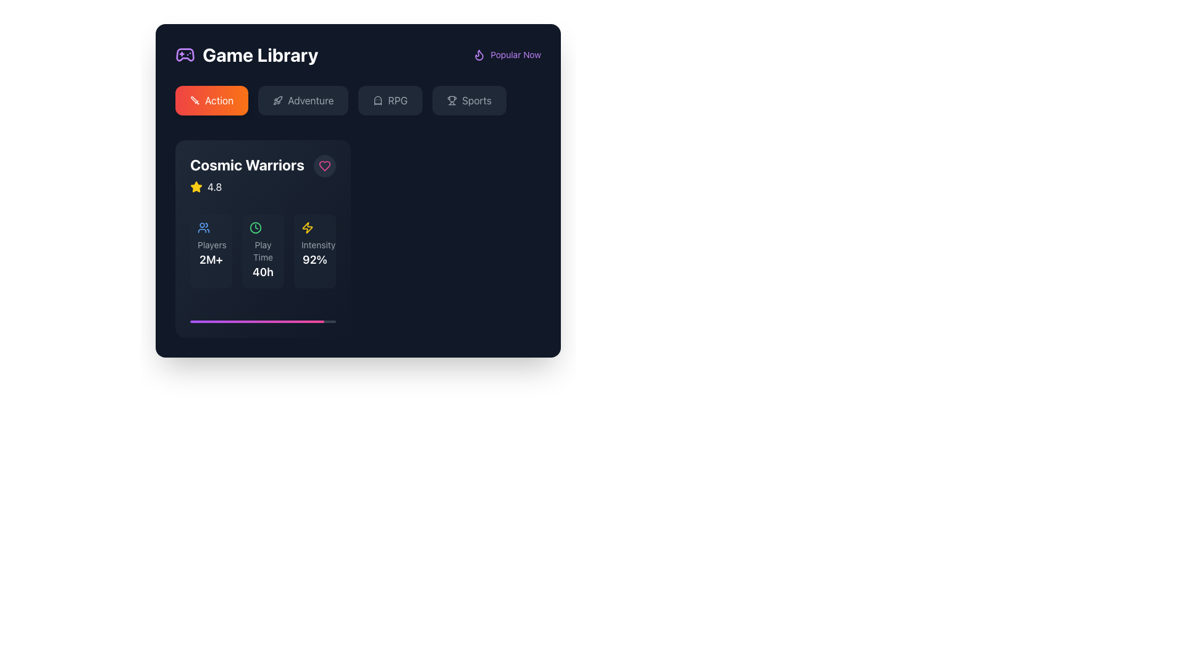 The height and width of the screenshot is (667, 1186). Describe the element at coordinates (263, 251) in the screenshot. I see `the Informational display section that presents statistics about the game, located at the bottom half of the 'Cosmic Warriors' card` at that location.